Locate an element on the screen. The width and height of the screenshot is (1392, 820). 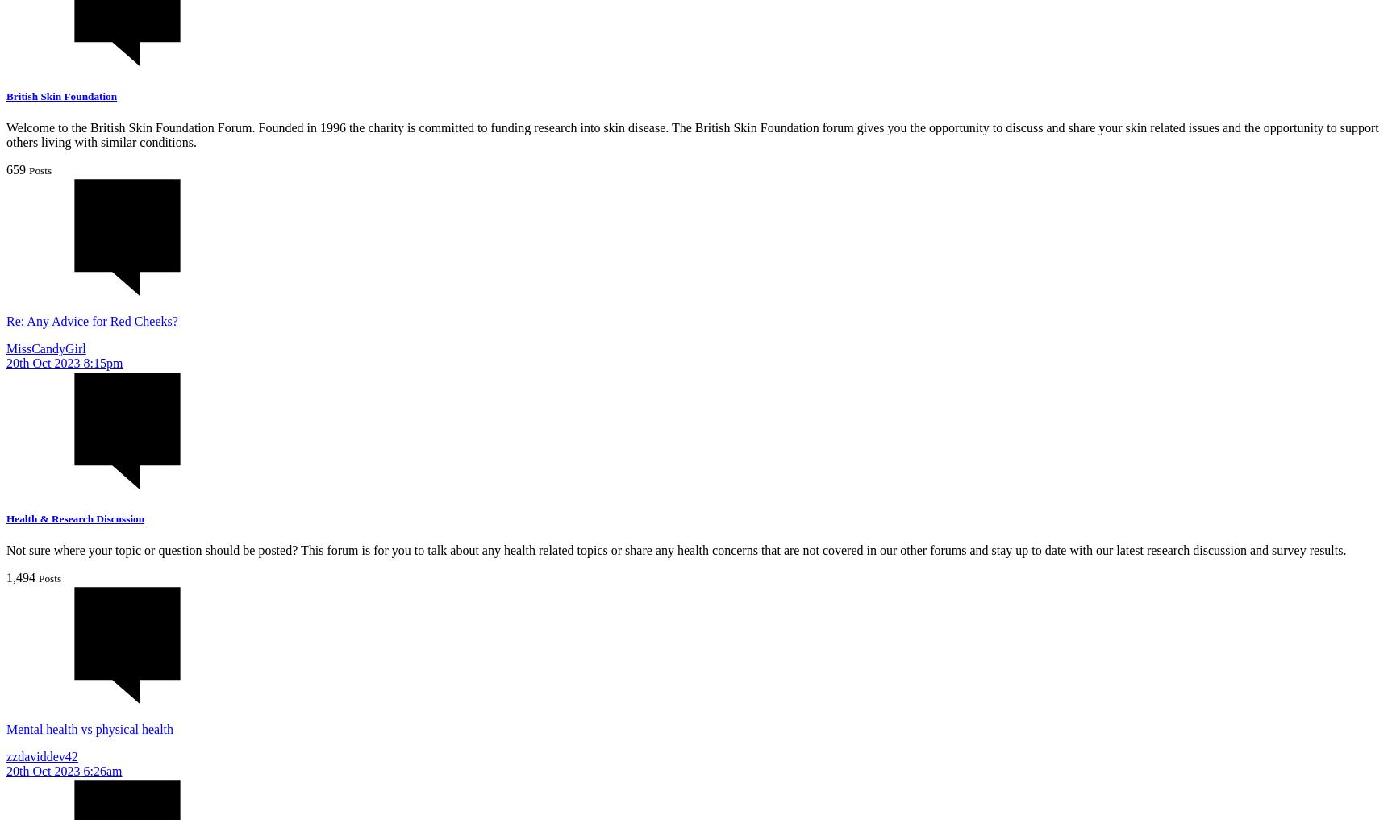
'Mental health vs physical health' is located at coordinates (89, 729).